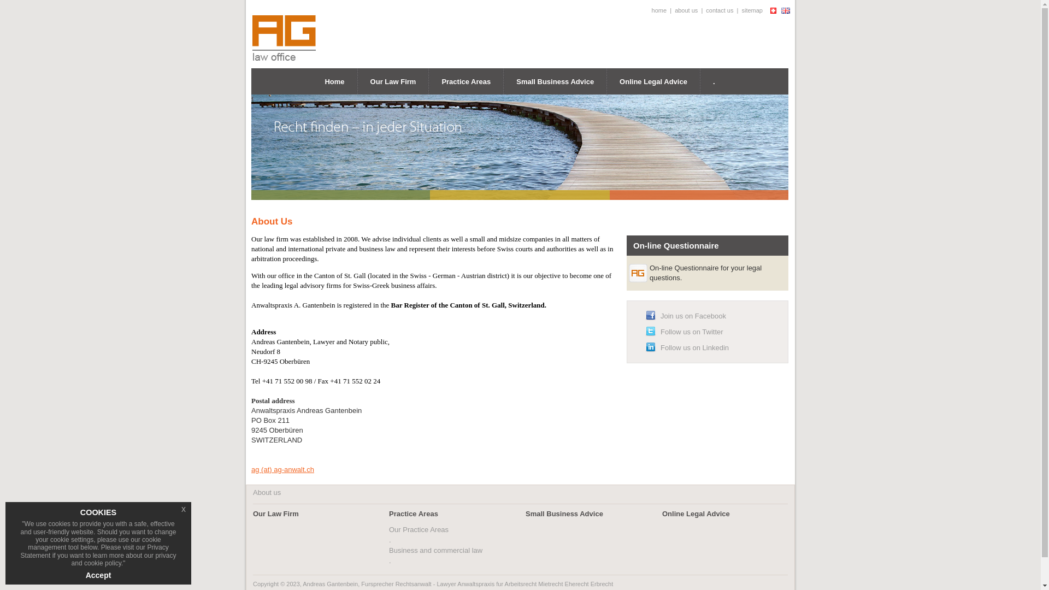  Describe the element at coordinates (674, 10) in the screenshot. I see `'about us'` at that location.